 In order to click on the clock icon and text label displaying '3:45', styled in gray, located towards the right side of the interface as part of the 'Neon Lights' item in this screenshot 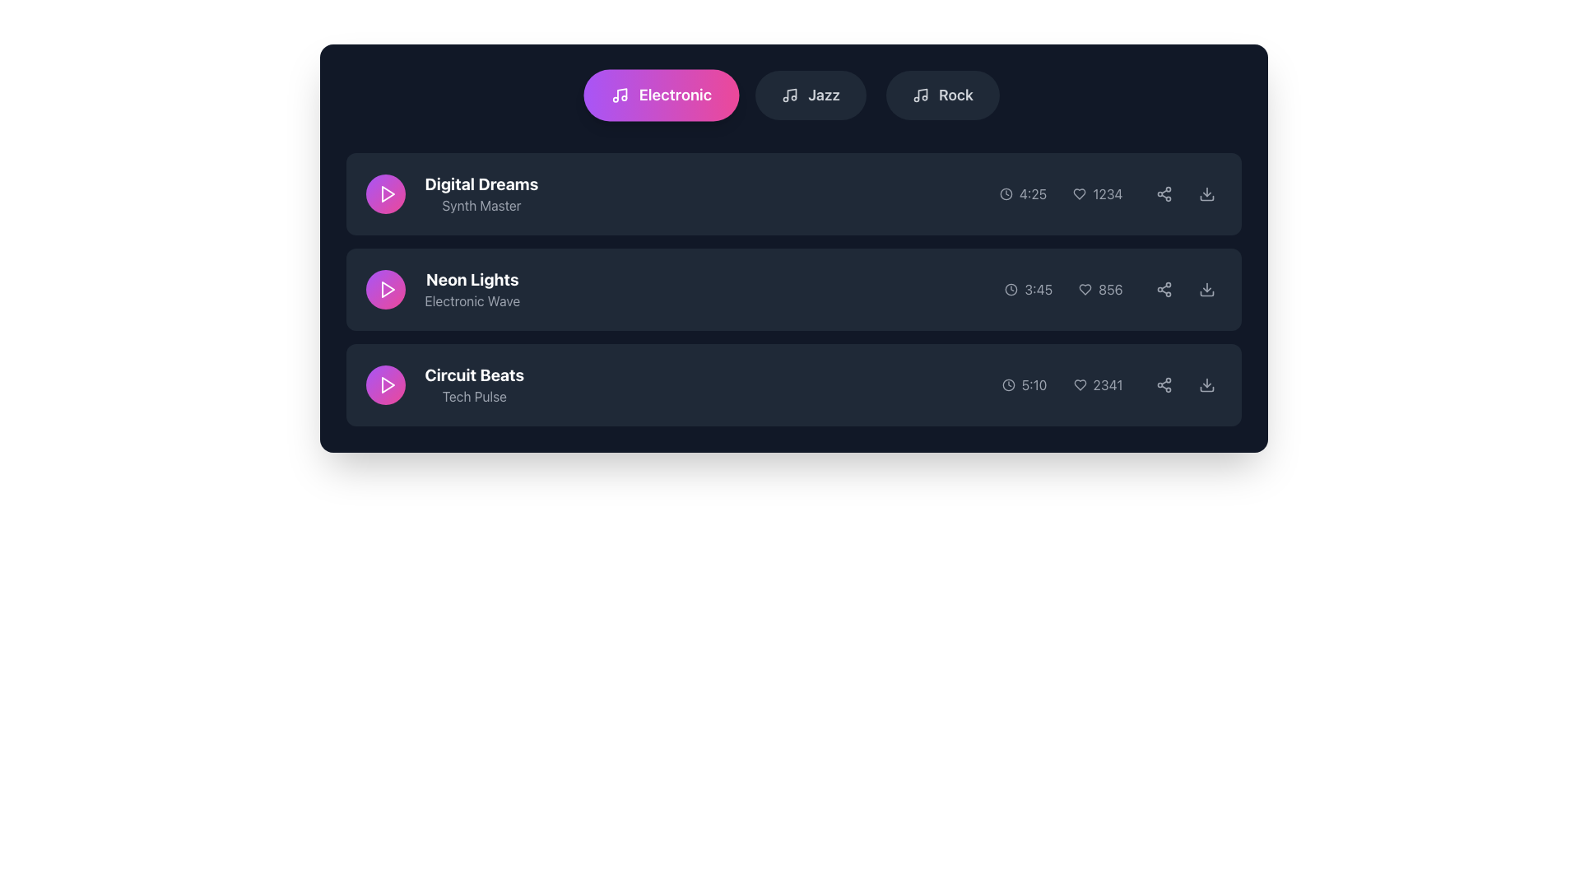, I will do `click(1028, 288)`.